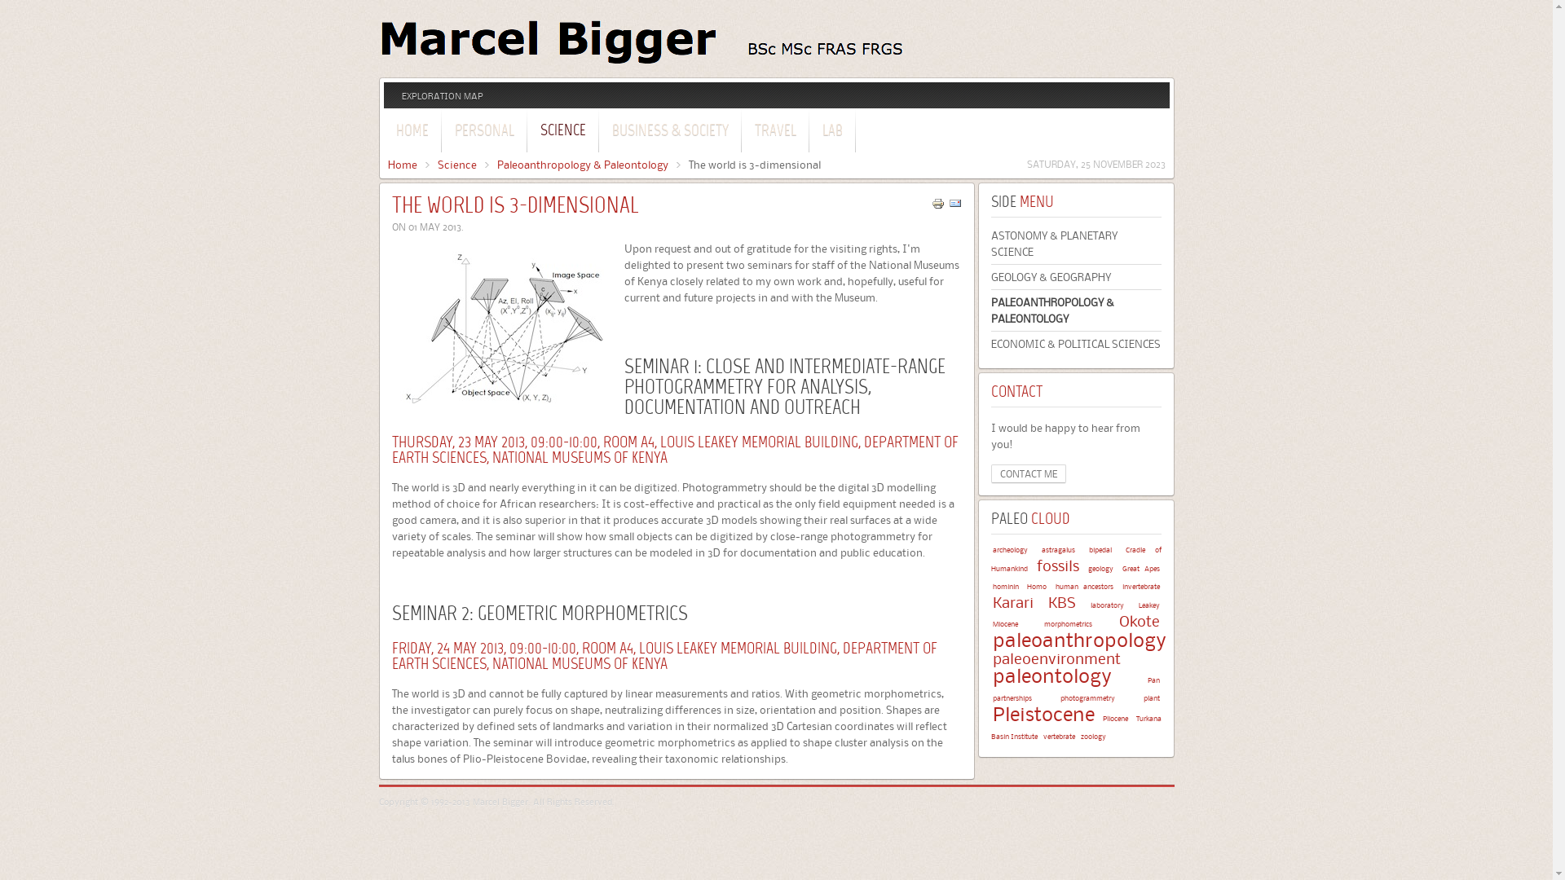 The height and width of the screenshot is (880, 1565). Describe the element at coordinates (437, 164) in the screenshot. I see `'Science'` at that location.